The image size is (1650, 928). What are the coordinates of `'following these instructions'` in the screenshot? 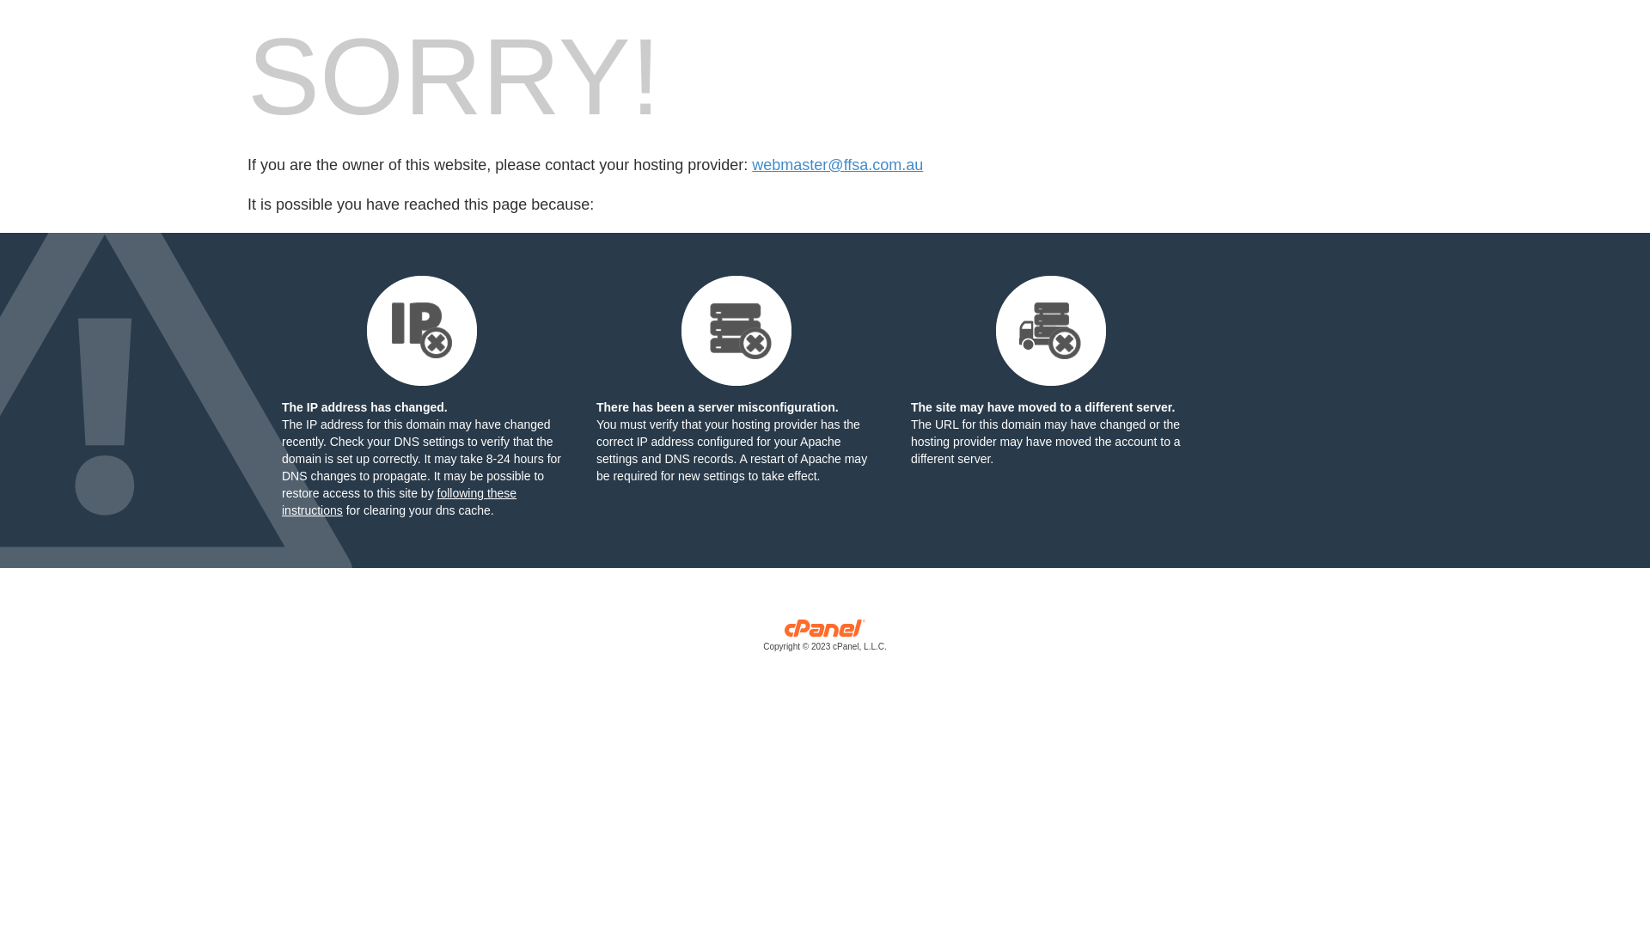 It's located at (398, 501).